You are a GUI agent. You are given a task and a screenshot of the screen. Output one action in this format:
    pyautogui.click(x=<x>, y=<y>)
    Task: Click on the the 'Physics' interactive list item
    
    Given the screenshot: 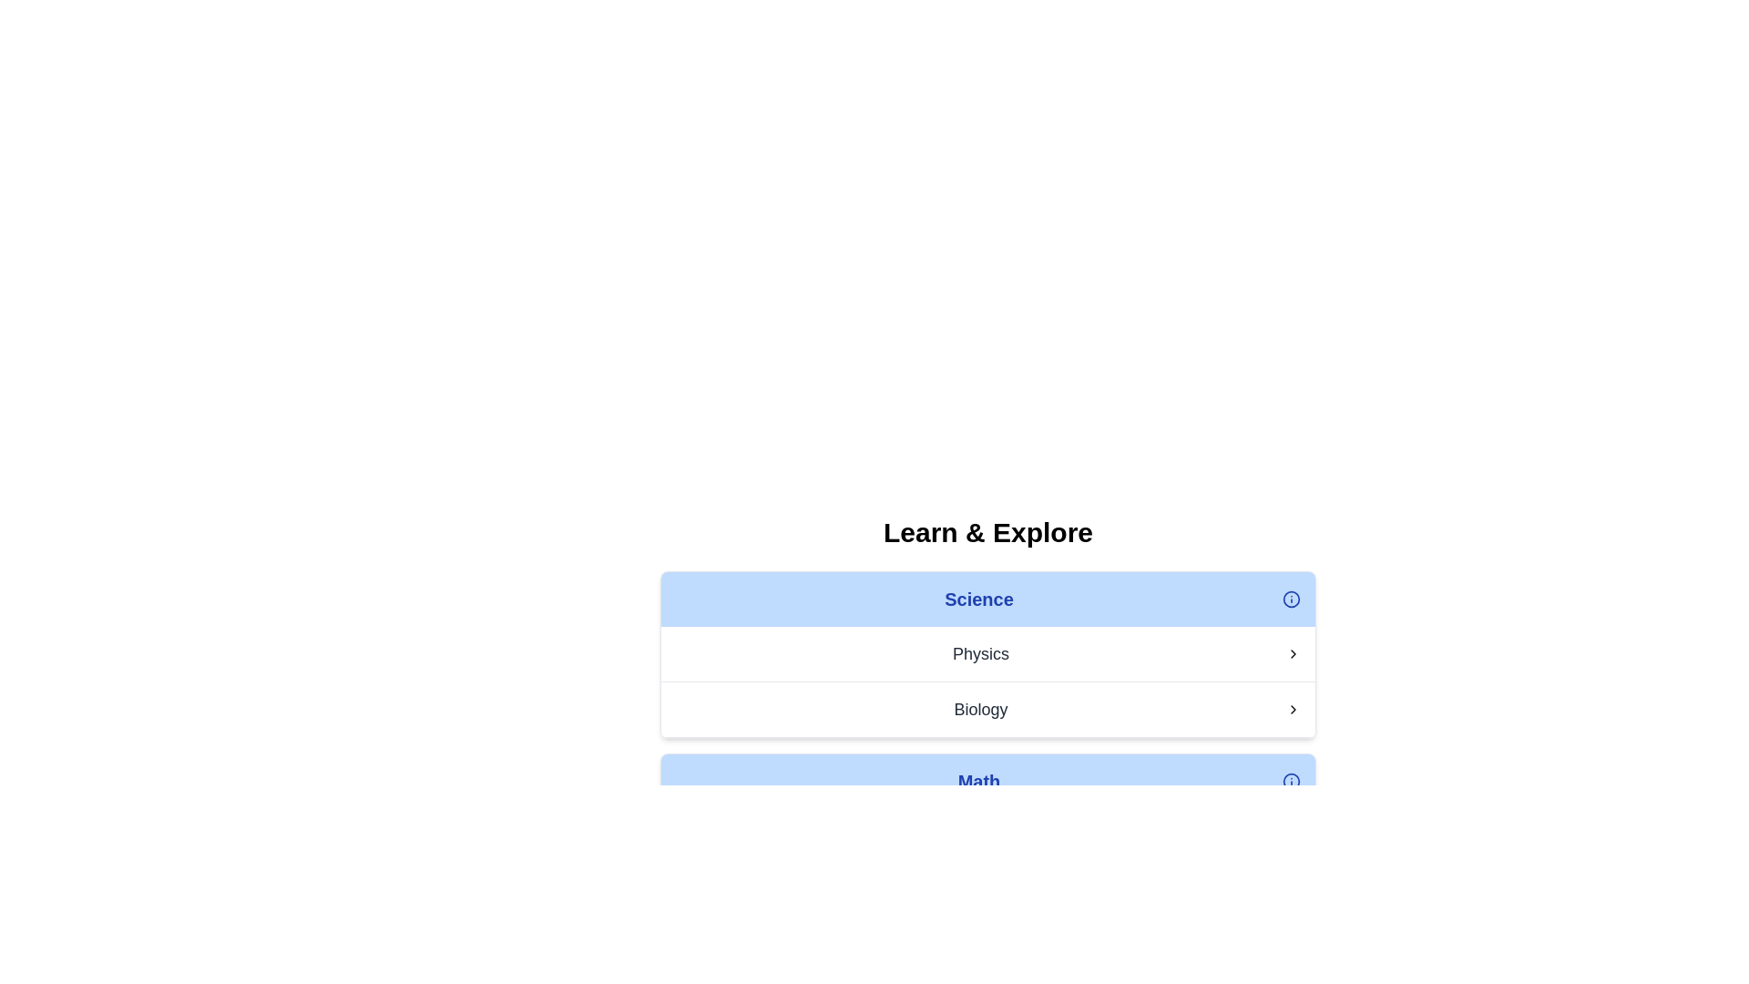 What is the action you would take?
    pyautogui.click(x=987, y=671)
    